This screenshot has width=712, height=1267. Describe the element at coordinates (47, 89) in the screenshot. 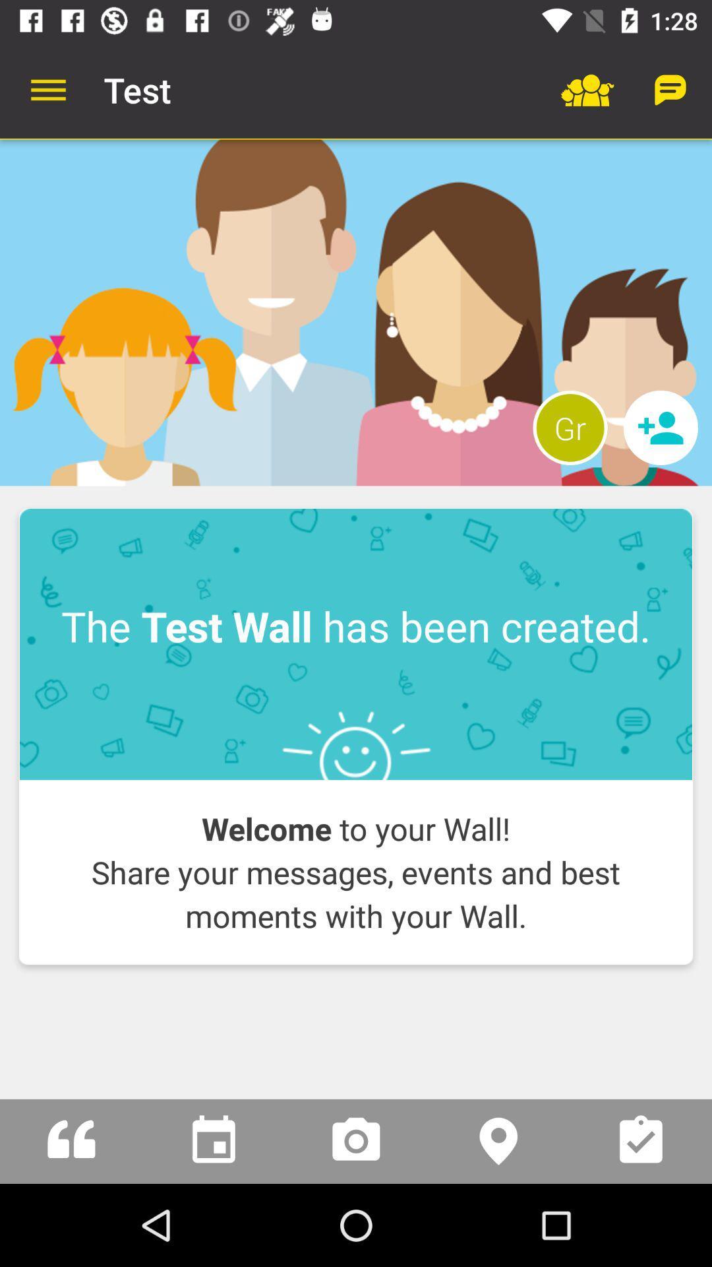

I see `icon next to the test item` at that location.